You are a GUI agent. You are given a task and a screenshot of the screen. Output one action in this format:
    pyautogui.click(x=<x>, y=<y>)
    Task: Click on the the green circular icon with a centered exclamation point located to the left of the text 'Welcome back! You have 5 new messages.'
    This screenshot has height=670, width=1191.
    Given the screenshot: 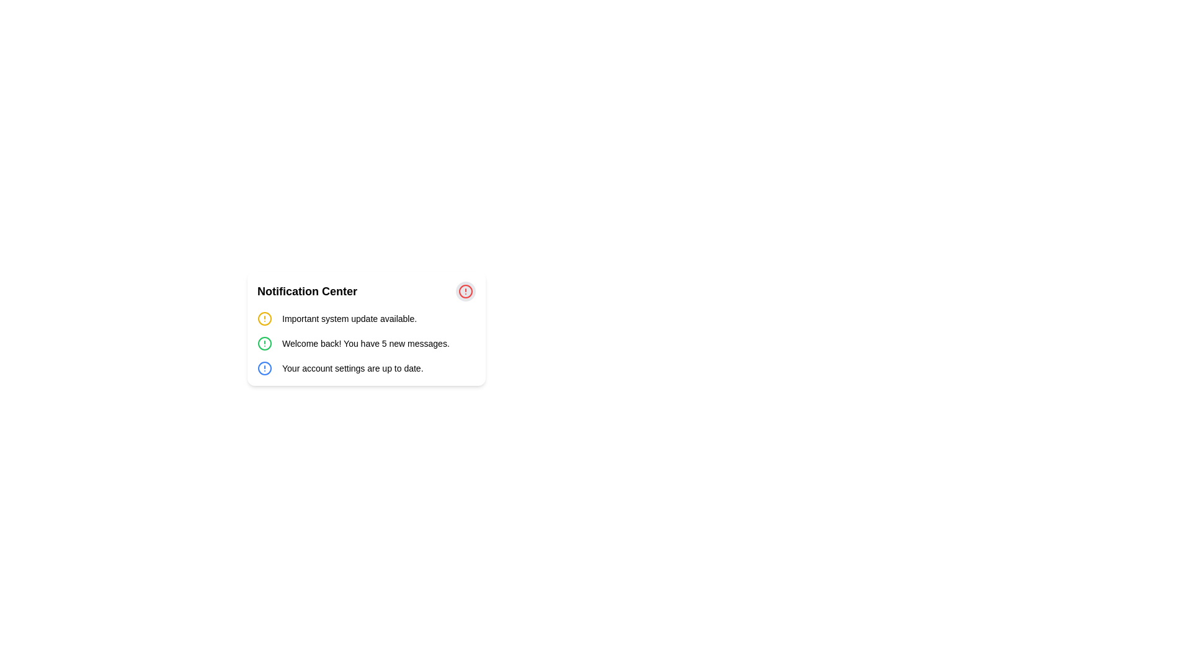 What is the action you would take?
    pyautogui.click(x=264, y=344)
    